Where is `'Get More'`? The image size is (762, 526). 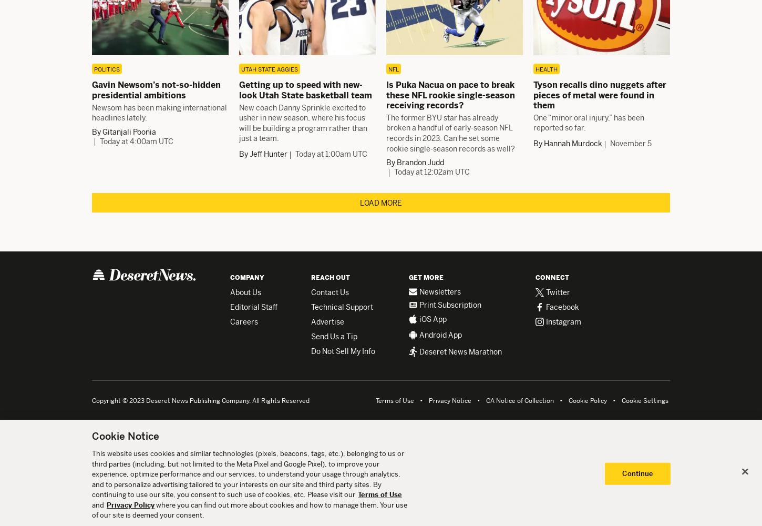
'Get More' is located at coordinates (426, 278).